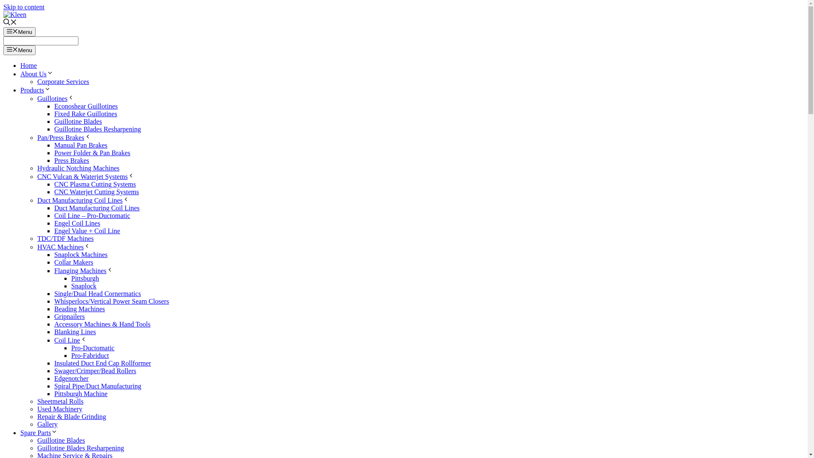 This screenshot has width=814, height=458. I want to click on 'Menu', so click(20, 31).